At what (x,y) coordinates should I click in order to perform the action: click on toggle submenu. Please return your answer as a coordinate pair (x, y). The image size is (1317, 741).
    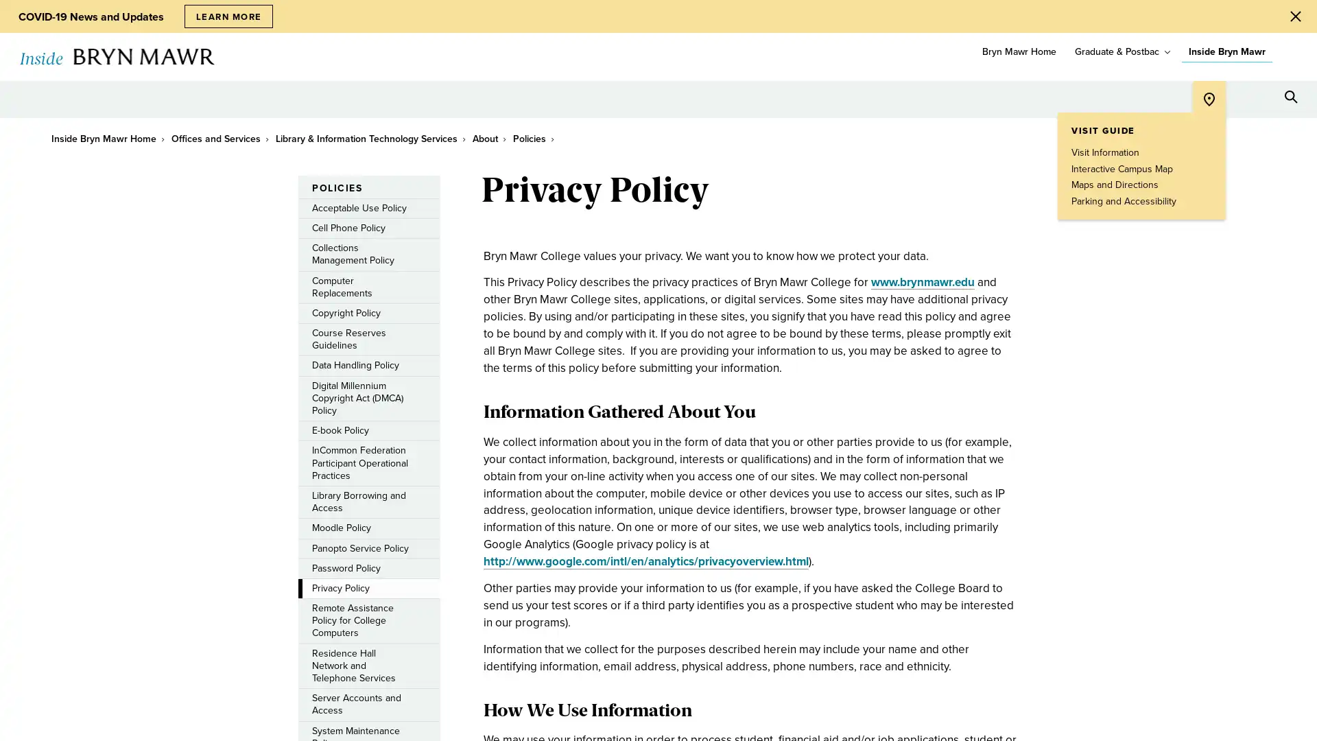
    Looking at the image, I should click on (300, 89).